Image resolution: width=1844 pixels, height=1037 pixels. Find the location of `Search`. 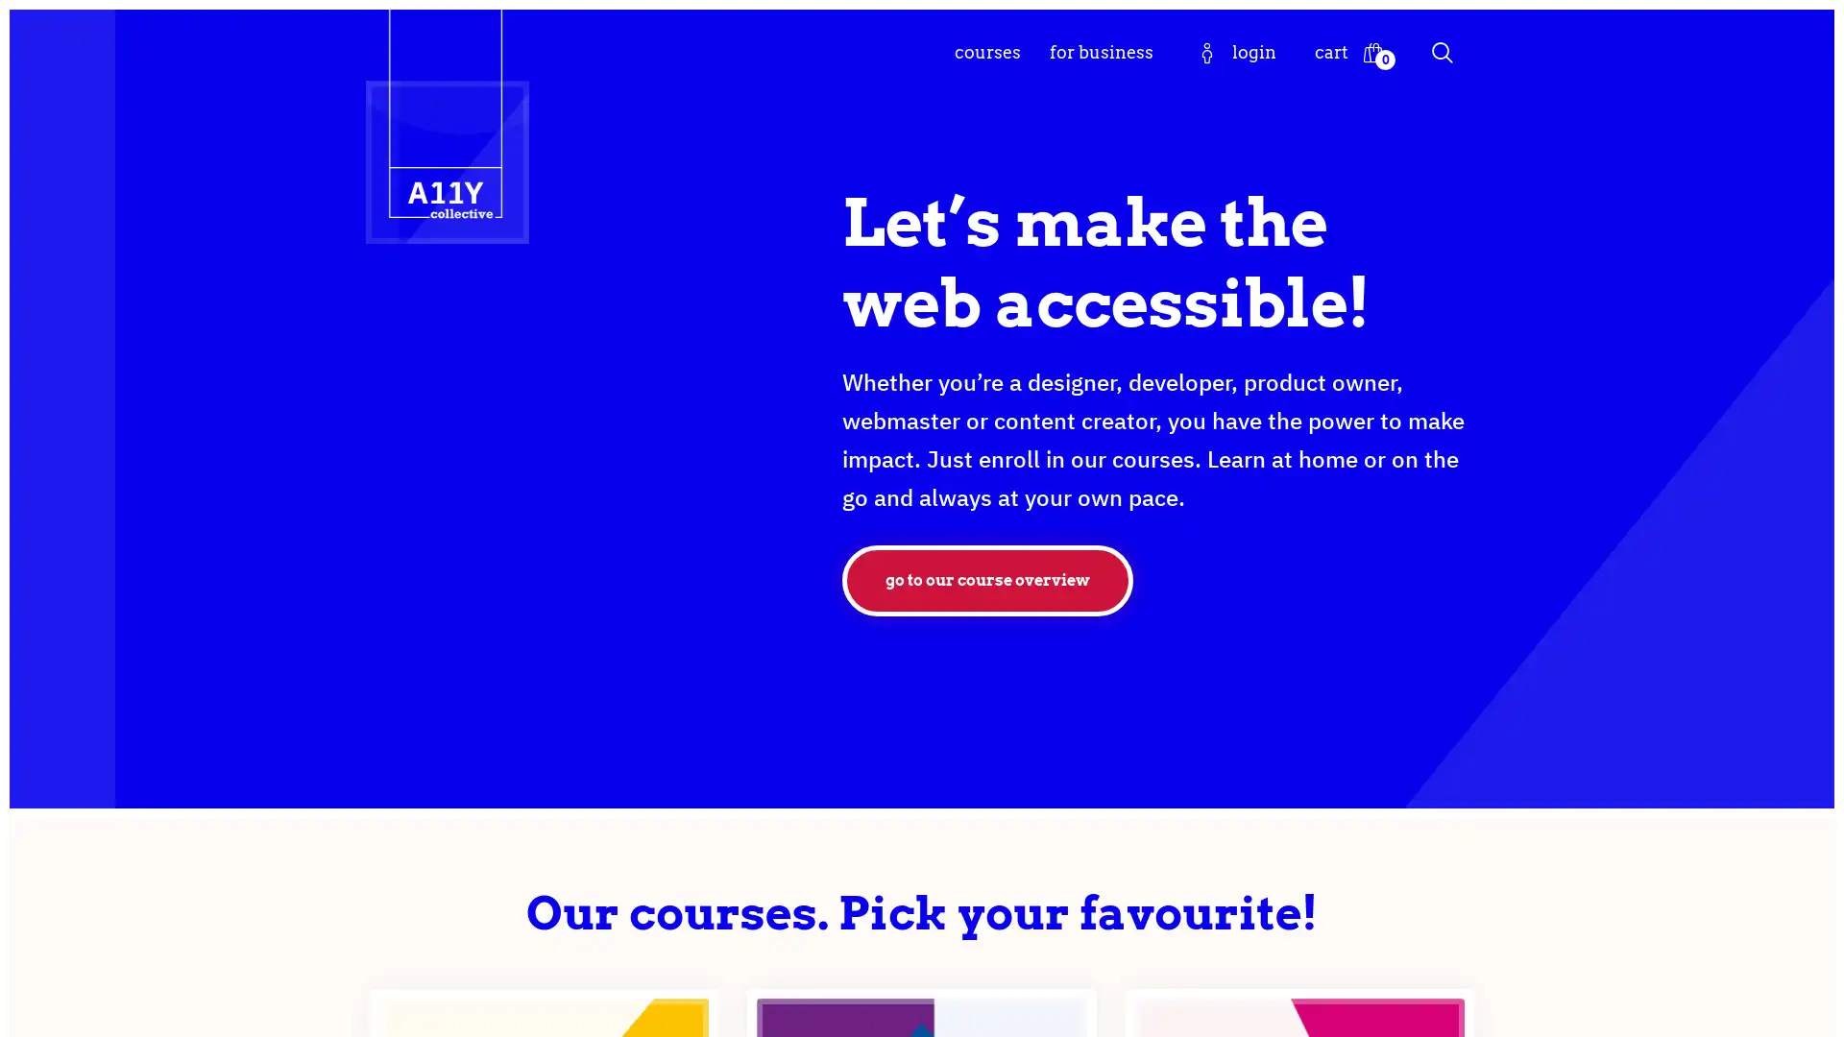

Search is located at coordinates (1443, 51).